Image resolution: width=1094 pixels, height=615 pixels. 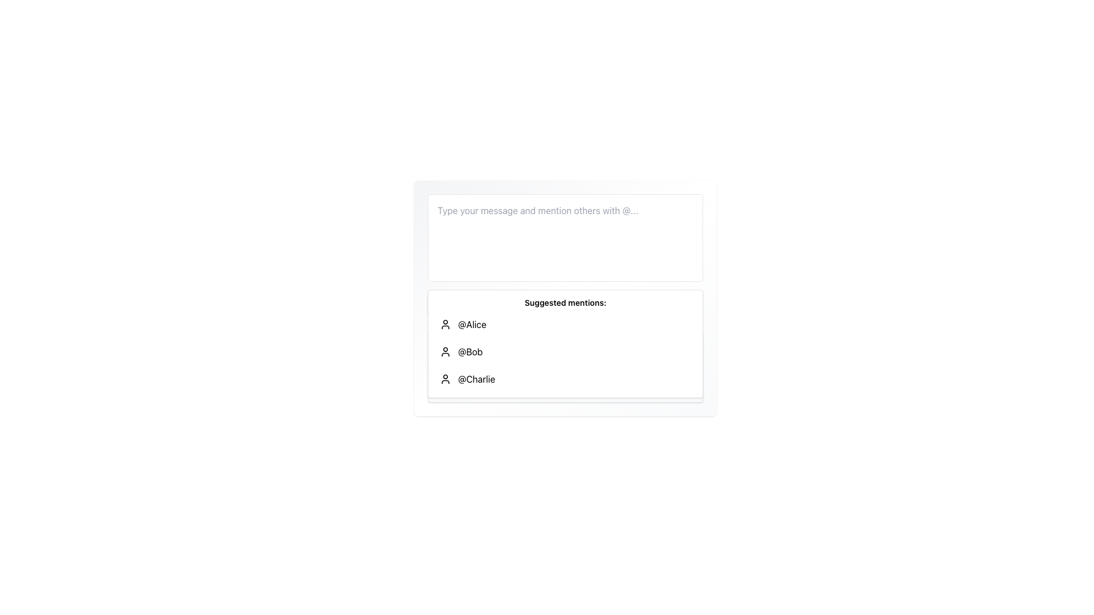 What do you see at coordinates (565, 302) in the screenshot?
I see `text label that indicates the purpose of the suggested mentions list, positioned above the suggested items` at bounding box center [565, 302].